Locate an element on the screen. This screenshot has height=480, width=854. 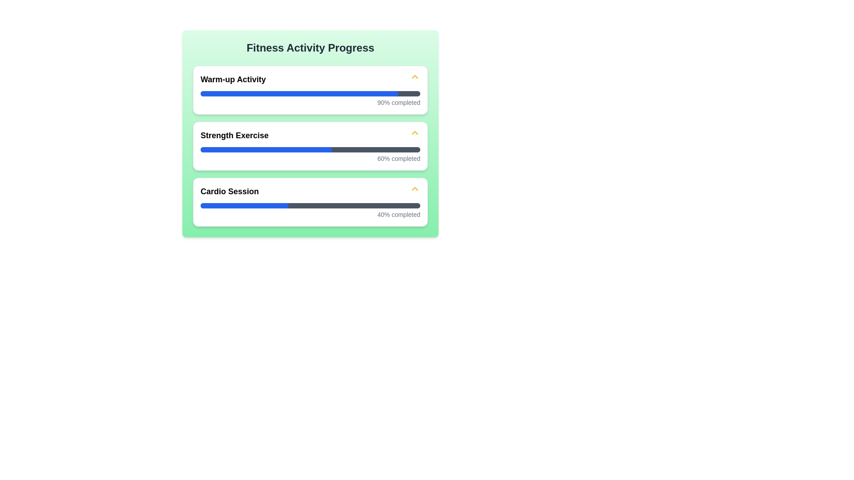
the rectangular progress bar with a blue-filled section covering 60% of the total width, located within the 'Strength Exercise' progress card is located at coordinates (266, 149).